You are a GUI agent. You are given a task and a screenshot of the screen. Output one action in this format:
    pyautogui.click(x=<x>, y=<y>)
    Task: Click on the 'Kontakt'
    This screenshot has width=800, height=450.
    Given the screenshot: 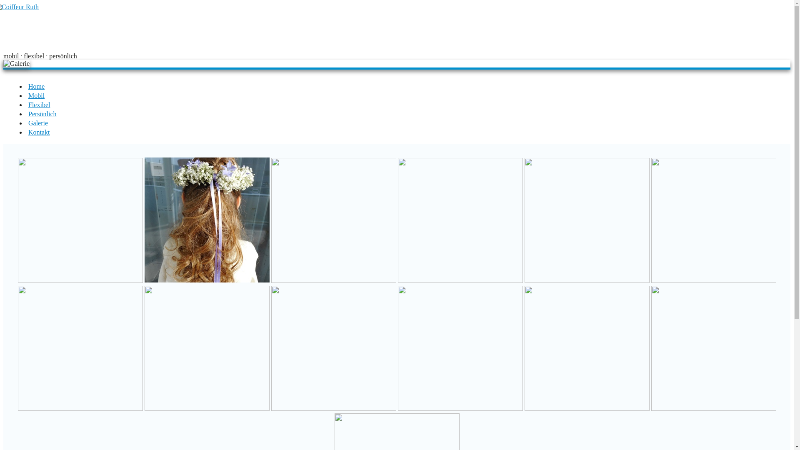 What is the action you would take?
    pyautogui.click(x=28, y=132)
    